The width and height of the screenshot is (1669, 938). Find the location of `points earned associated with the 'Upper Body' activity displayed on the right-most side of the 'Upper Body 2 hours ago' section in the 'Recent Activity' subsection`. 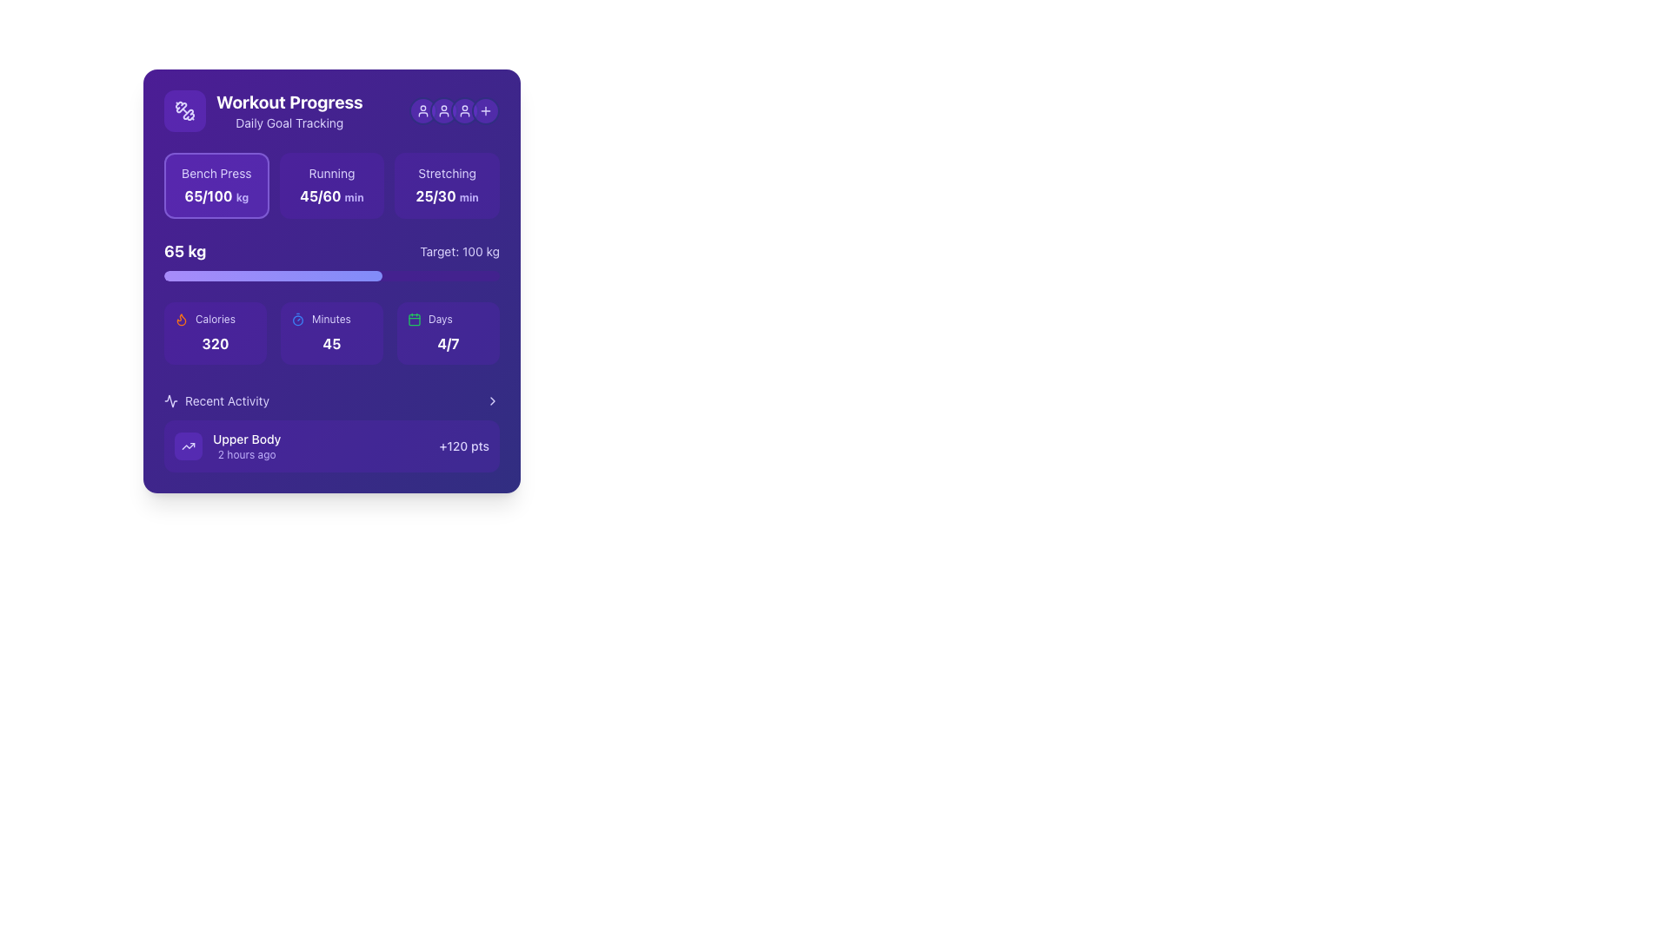

points earned associated with the 'Upper Body' activity displayed on the right-most side of the 'Upper Body 2 hours ago' section in the 'Recent Activity' subsection is located at coordinates (464, 445).